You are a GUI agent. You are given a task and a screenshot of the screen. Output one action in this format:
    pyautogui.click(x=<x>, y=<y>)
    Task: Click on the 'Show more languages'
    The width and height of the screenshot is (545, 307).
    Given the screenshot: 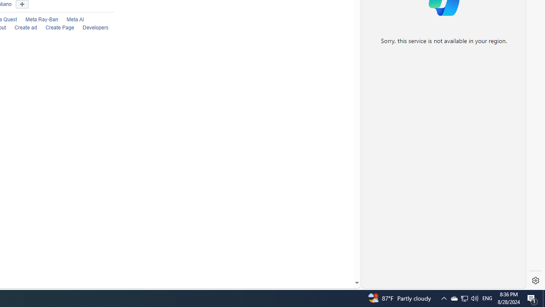 What is the action you would take?
    pyautogui.click(x=22, y=4)
    